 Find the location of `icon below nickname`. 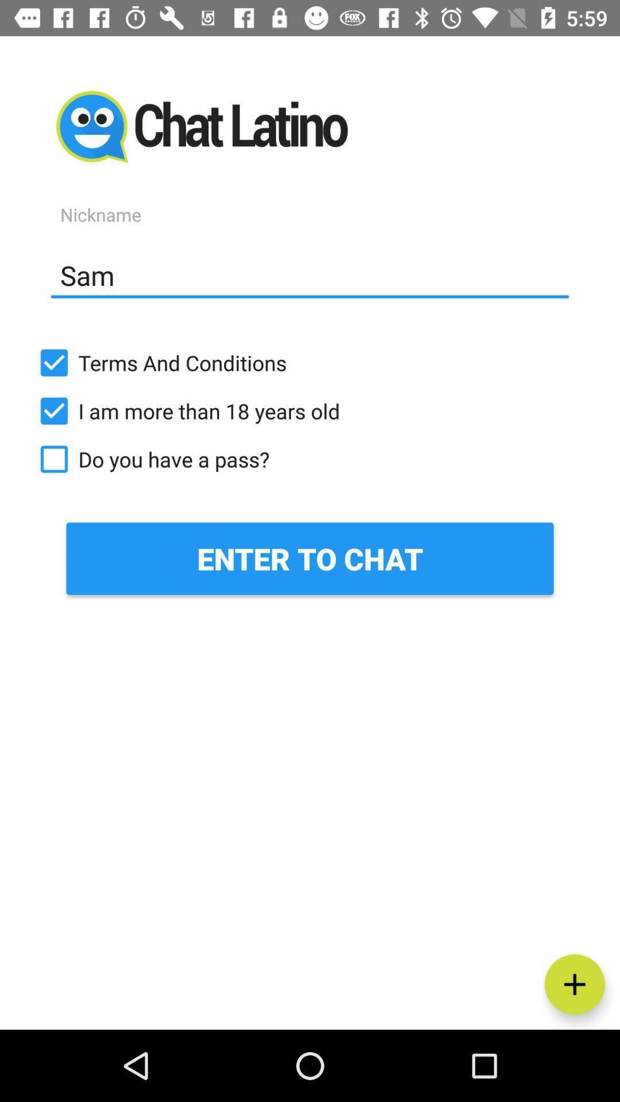

icon below nickname is located at coordinates (310, 274).